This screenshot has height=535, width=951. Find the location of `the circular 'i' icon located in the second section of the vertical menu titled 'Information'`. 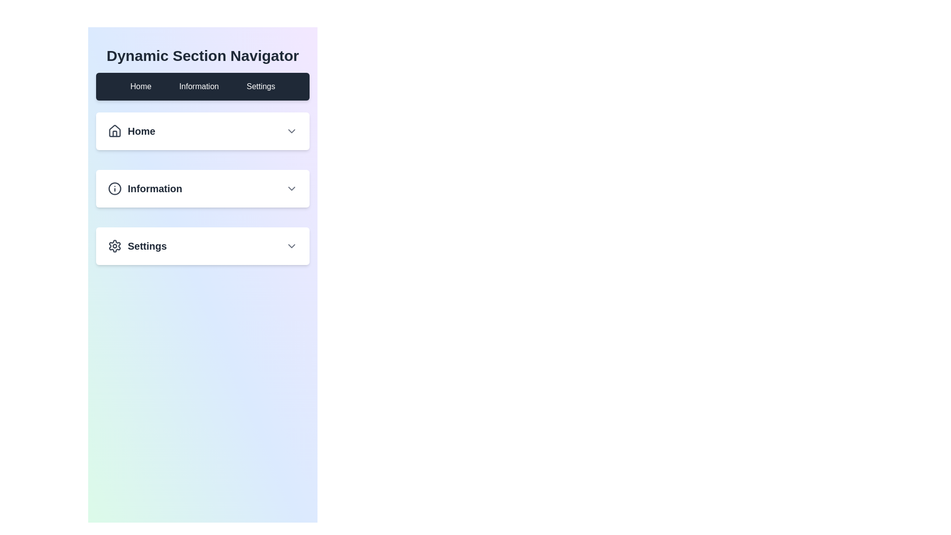

the circular 'i' icon located in the second section of the vertical menu titled 'Information' is located at coordinates (114, 189).